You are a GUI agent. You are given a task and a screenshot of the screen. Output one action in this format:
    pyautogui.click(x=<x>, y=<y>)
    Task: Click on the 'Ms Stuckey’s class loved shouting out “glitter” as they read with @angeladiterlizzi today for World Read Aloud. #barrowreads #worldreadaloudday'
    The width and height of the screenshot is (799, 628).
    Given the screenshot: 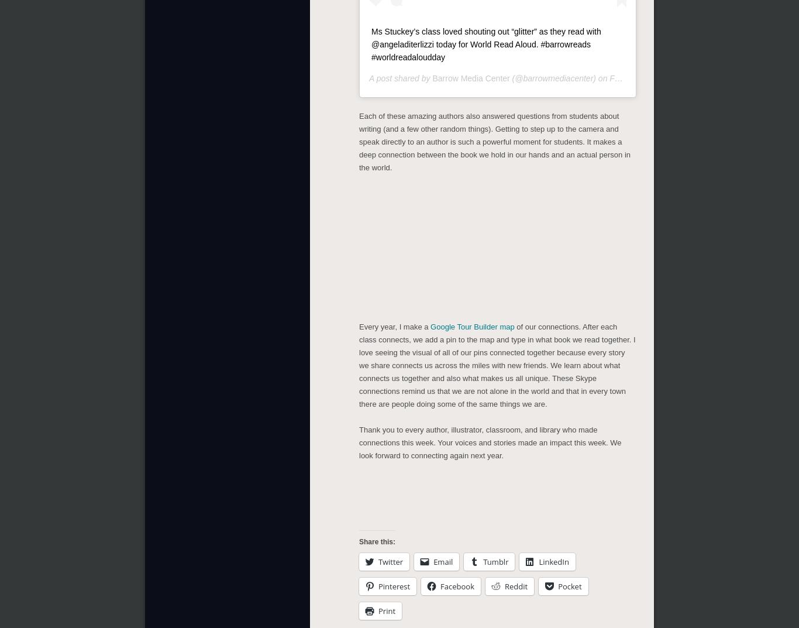 What is the action you would take?
    pyautogui.click(x=371, y=42)
    